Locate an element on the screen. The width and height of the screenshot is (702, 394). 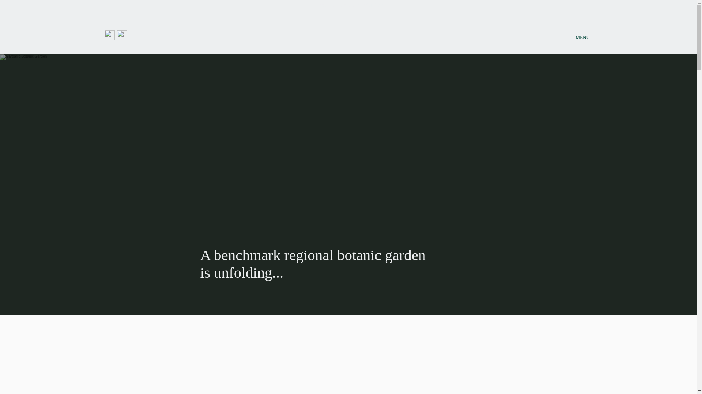
'MENU' is located at coordinates (582, 38).